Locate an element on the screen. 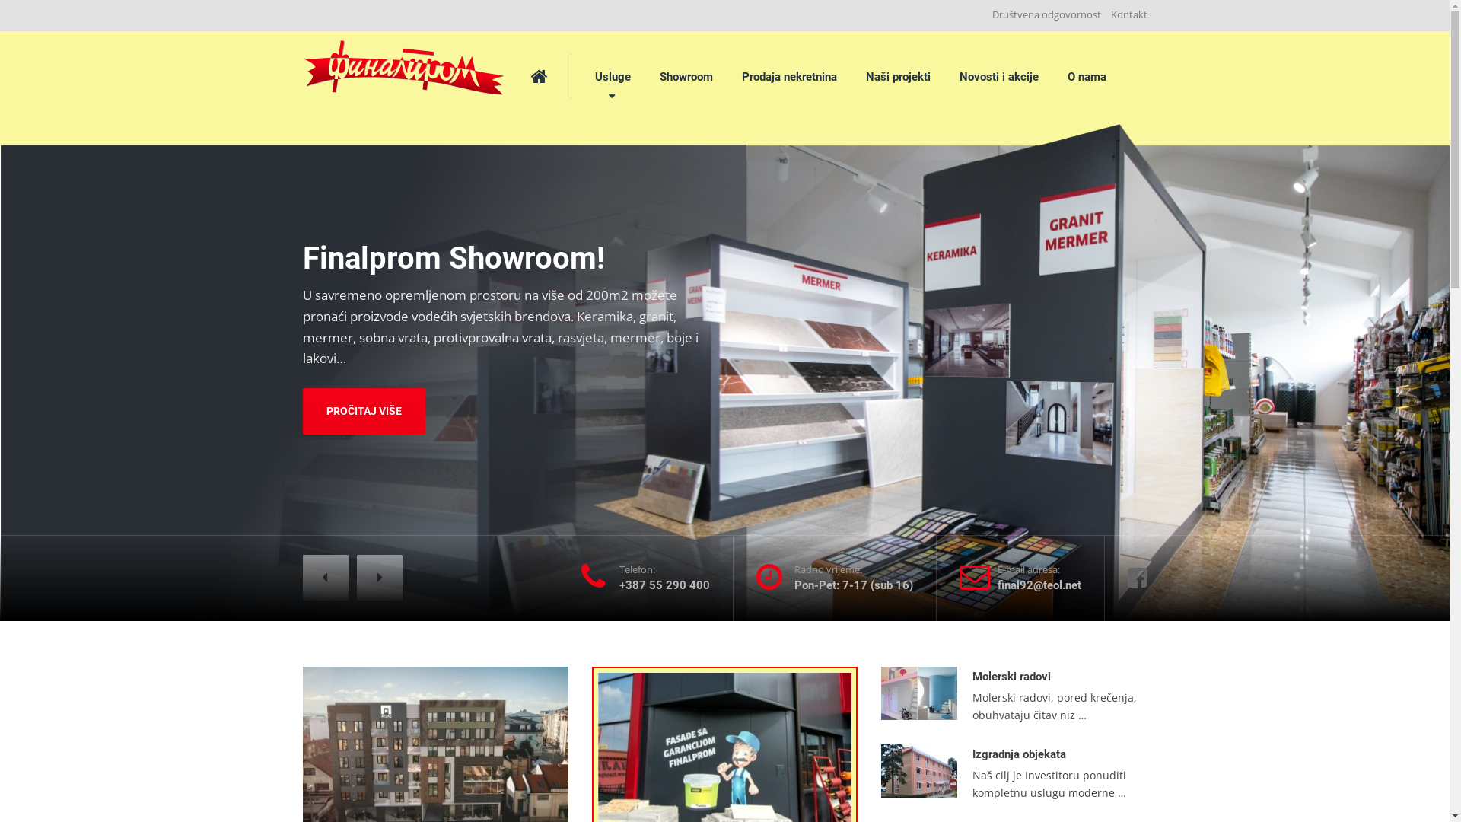  'Prodaja nekretnina' is located at coordinates (789, 76).